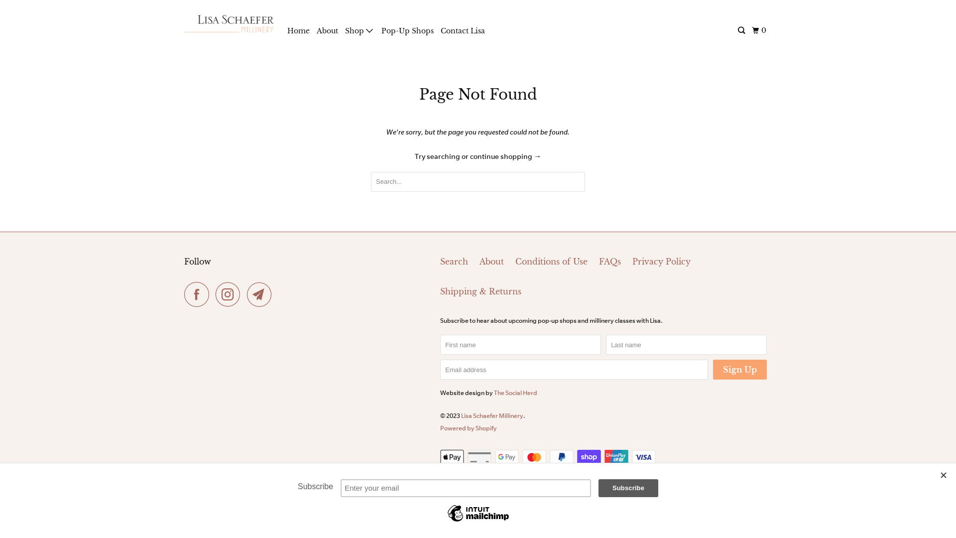 Image resolution: width=956 pixels, height=538 pixels. I want to click on 'Home', so click(298, 30).